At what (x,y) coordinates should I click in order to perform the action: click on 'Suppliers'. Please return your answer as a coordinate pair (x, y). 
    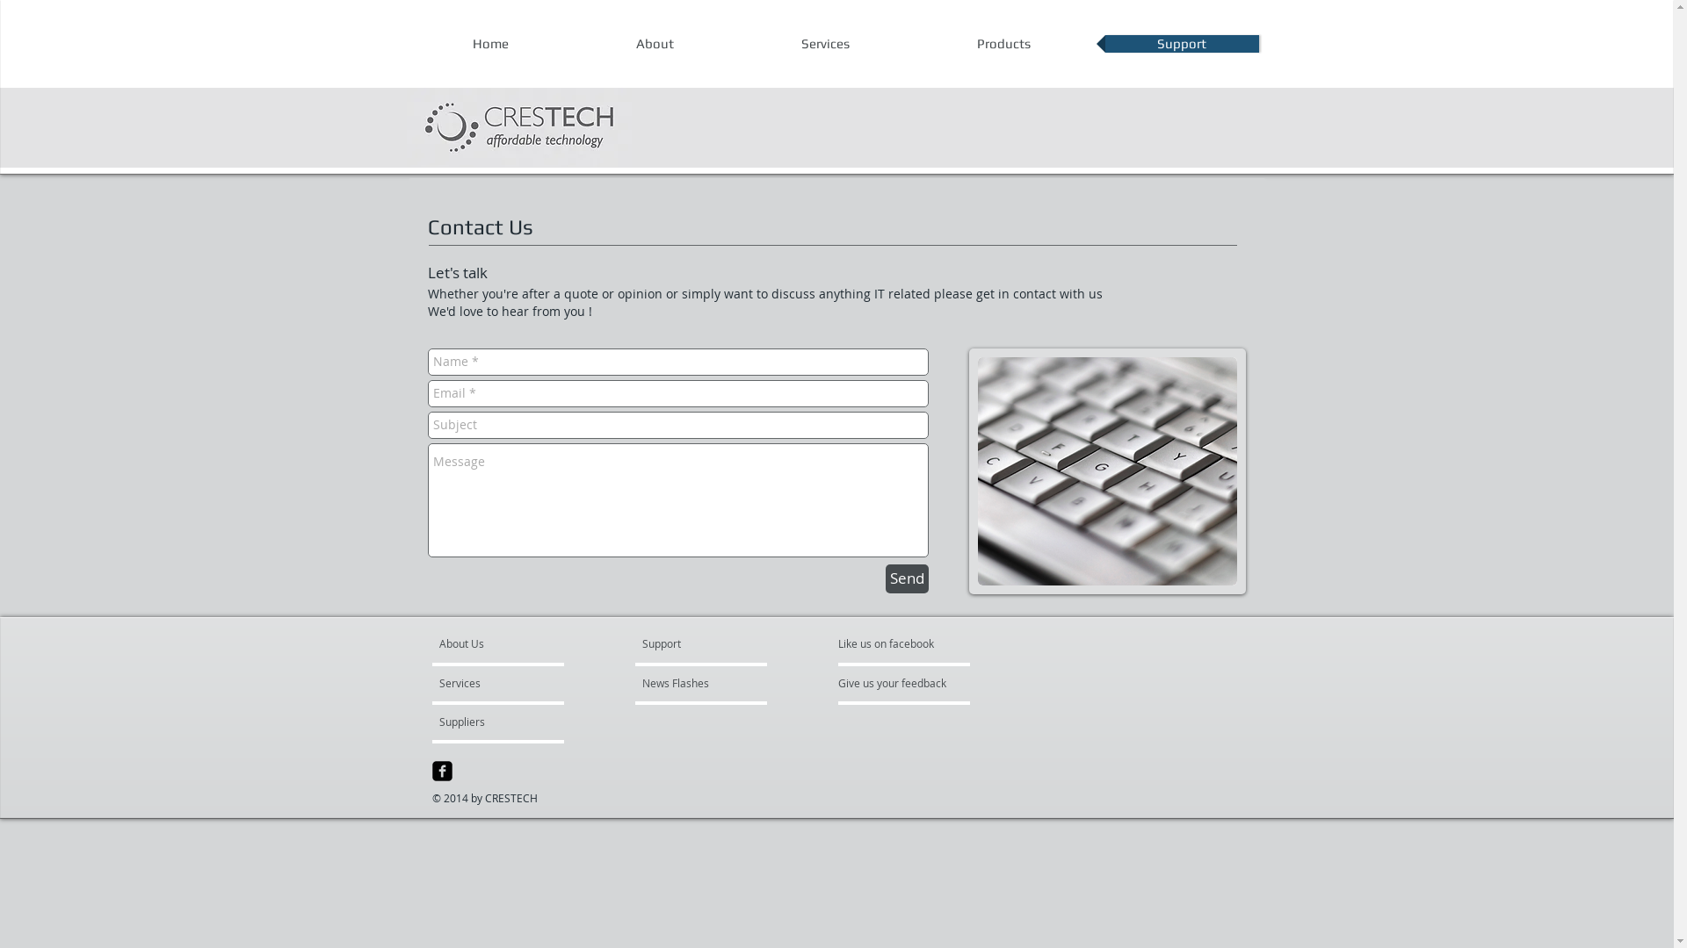
    Looking at the image, I should click on (438, 721).